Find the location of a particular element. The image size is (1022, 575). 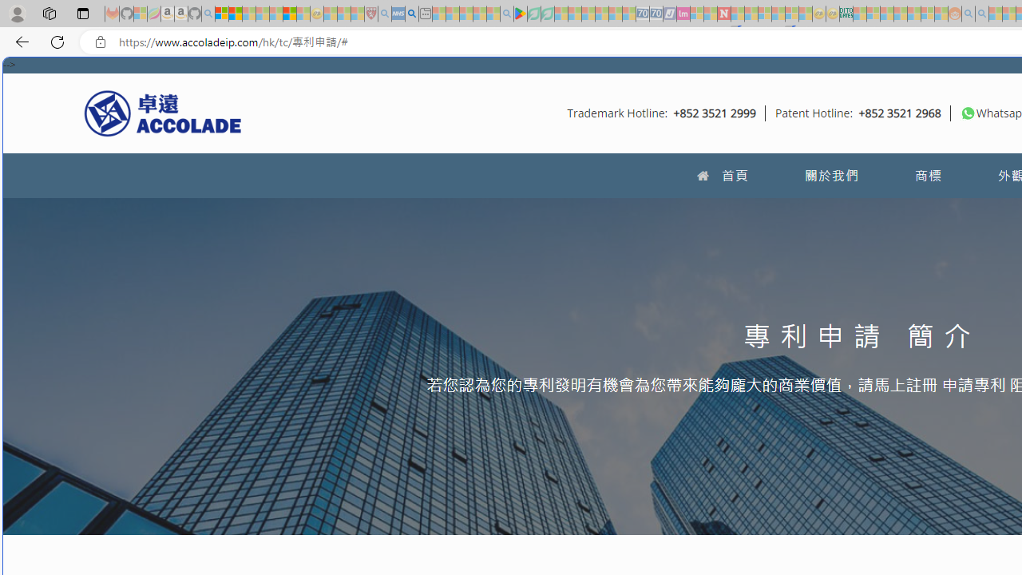

'google - Search - Sleeping' is located at coordinates (505, 14).